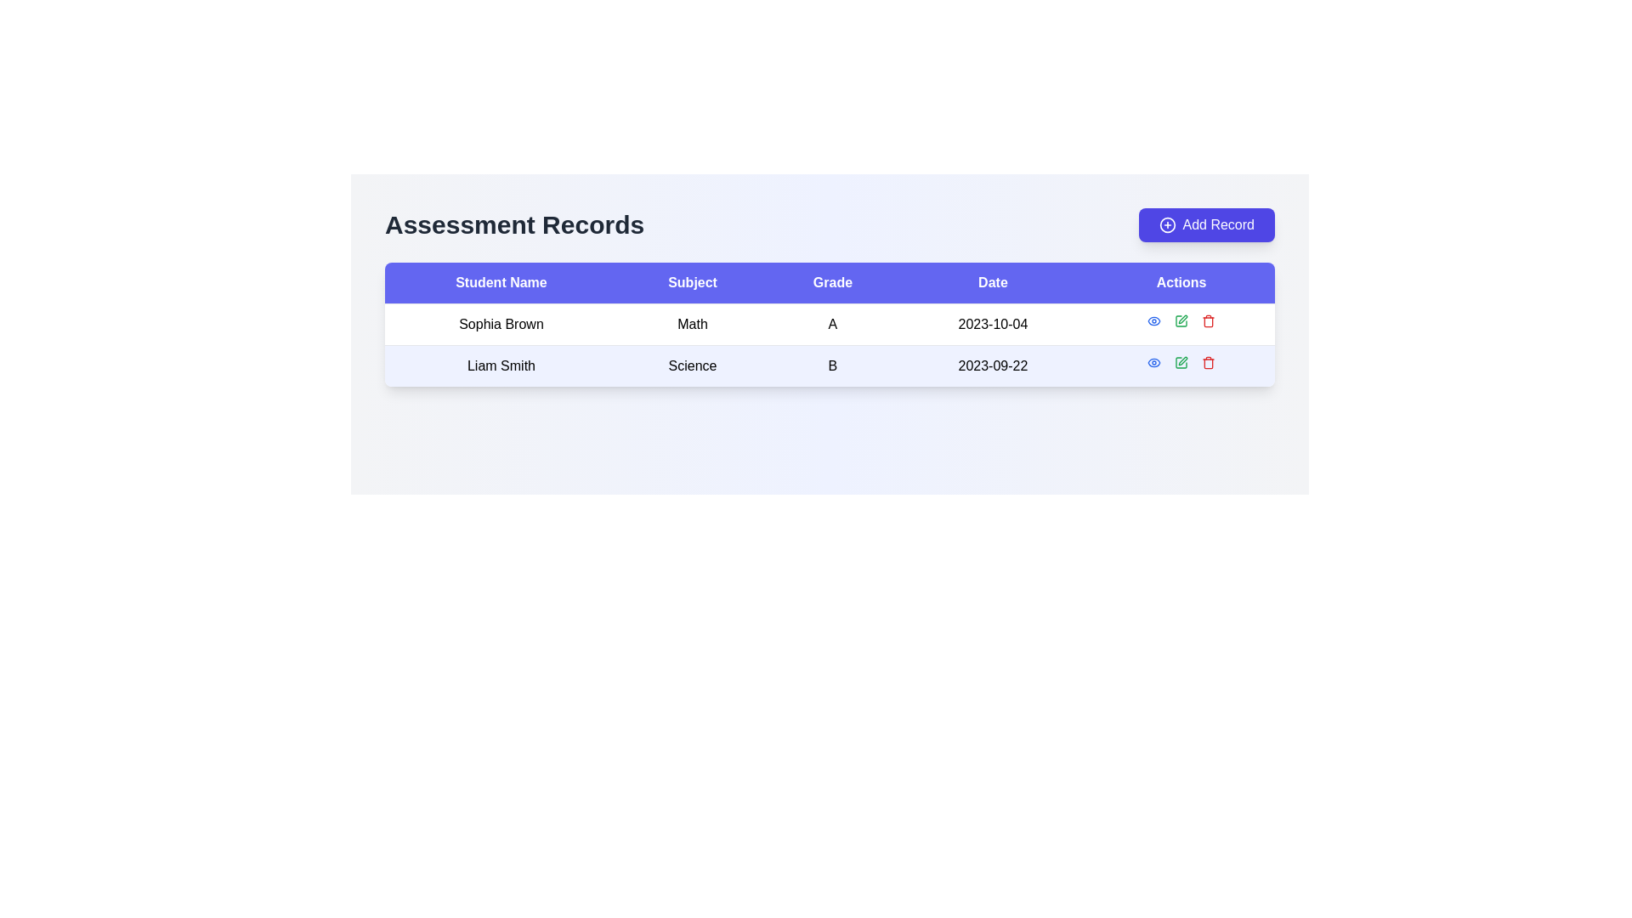 Image resolution: width=1632 pixels, height=918 pixels. I want to click on the blue eye-shaped Action Icon located under the Actions column beside the second data row in the table, so click(1154, 321).